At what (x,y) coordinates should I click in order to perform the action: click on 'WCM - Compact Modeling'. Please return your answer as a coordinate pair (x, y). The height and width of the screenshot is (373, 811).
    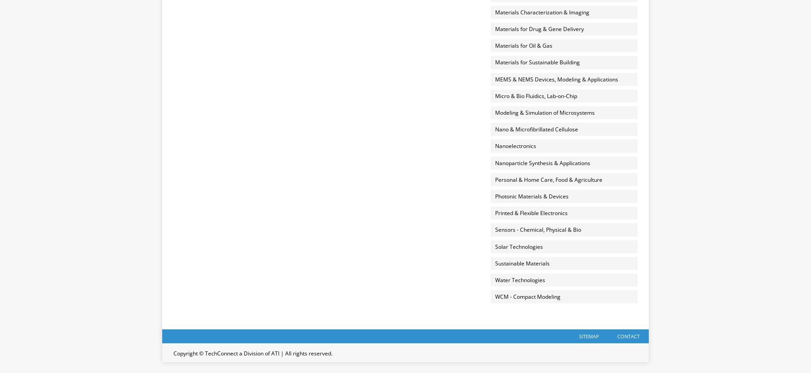
    Looking at the image, I should click on (527, 296).